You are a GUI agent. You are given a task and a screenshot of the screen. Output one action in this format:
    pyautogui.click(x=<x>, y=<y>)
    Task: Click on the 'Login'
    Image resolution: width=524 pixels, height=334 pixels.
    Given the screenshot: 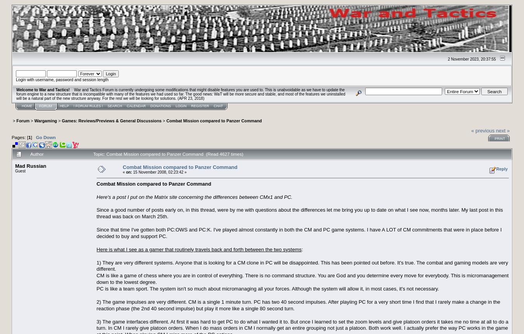 What is the action you would take?
    pyautogui.click(x=180, y=105)
    